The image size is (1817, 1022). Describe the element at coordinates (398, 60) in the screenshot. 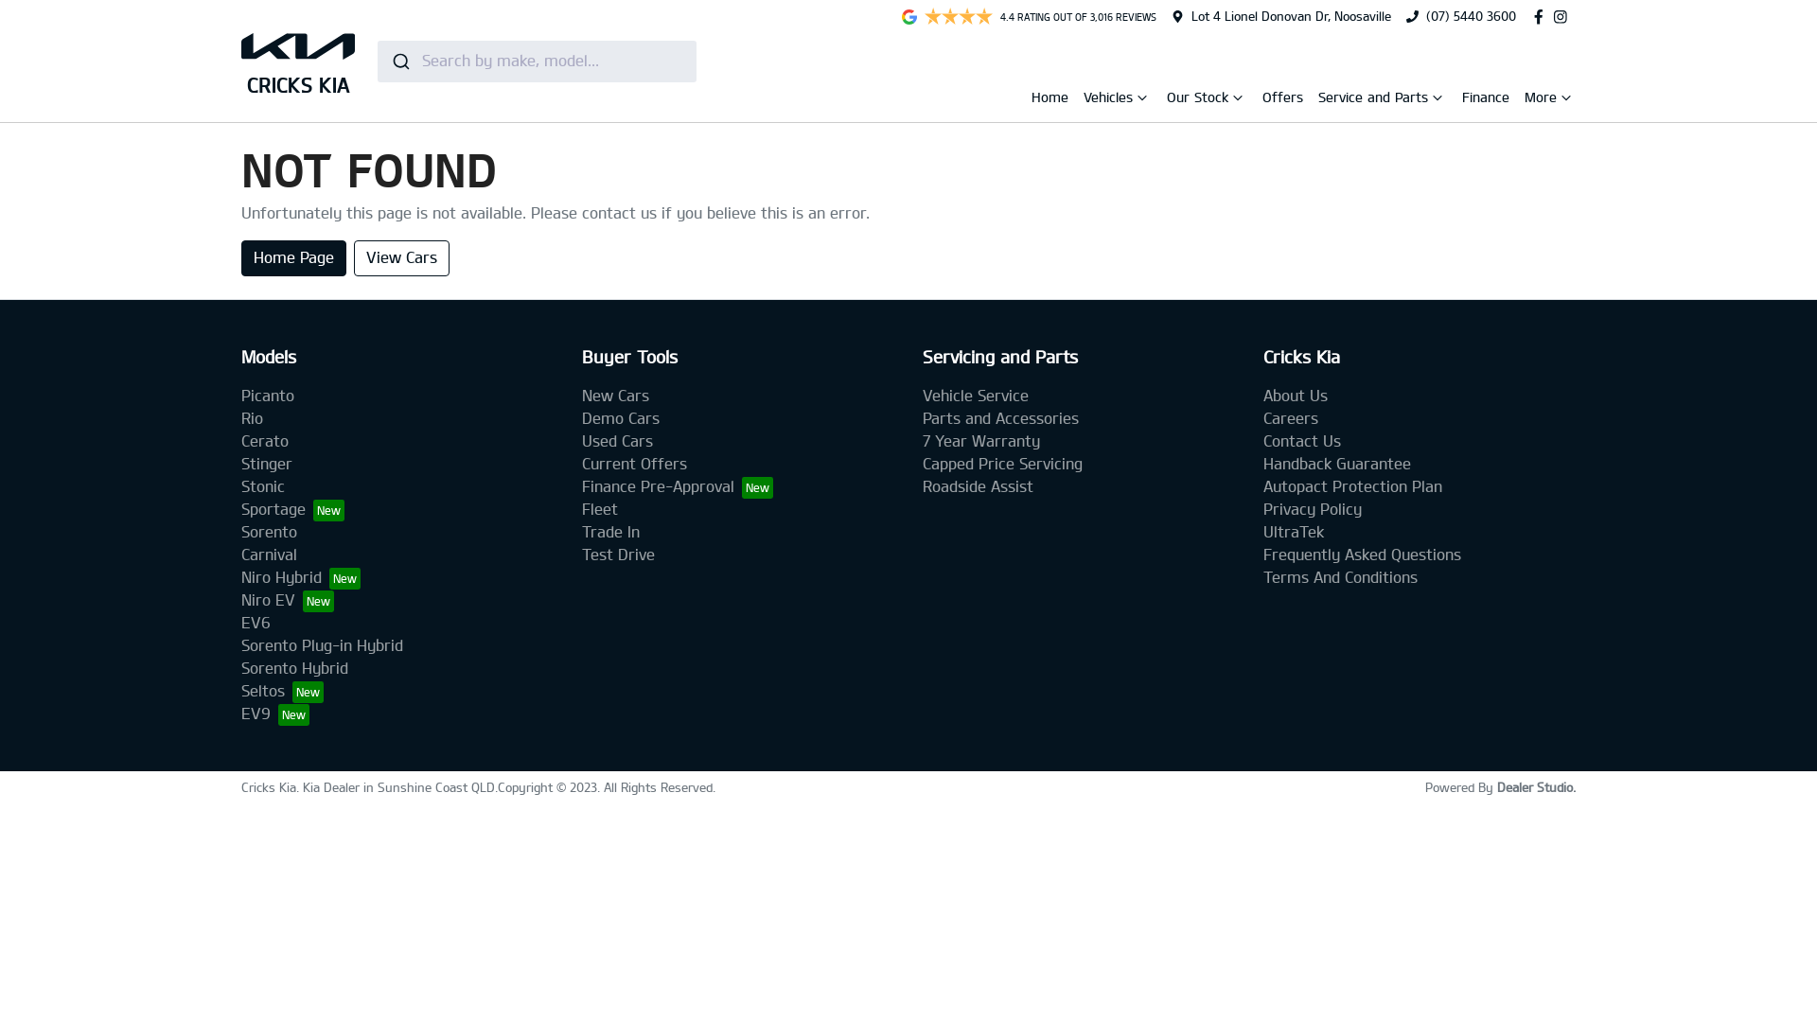

I see `'Submit'` at that location.